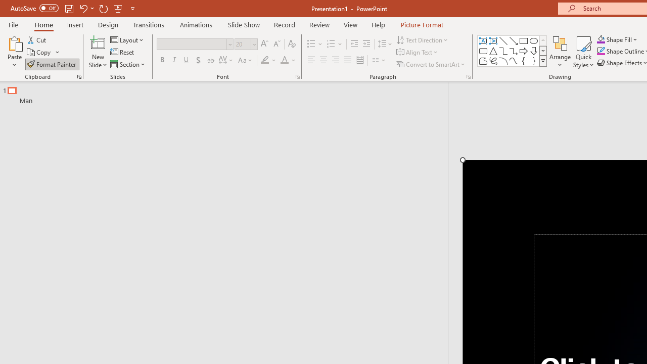 The image size is (647, 364). Describe the element at coordinates (162, 60) in the screenshot. I see `'Bold'` at that location.